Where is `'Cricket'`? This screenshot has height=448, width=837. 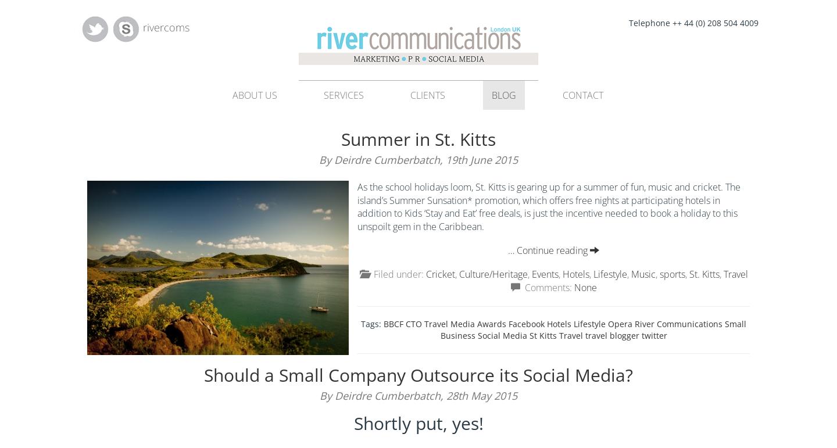 'Cricket' is located at coordinates (439, 274).